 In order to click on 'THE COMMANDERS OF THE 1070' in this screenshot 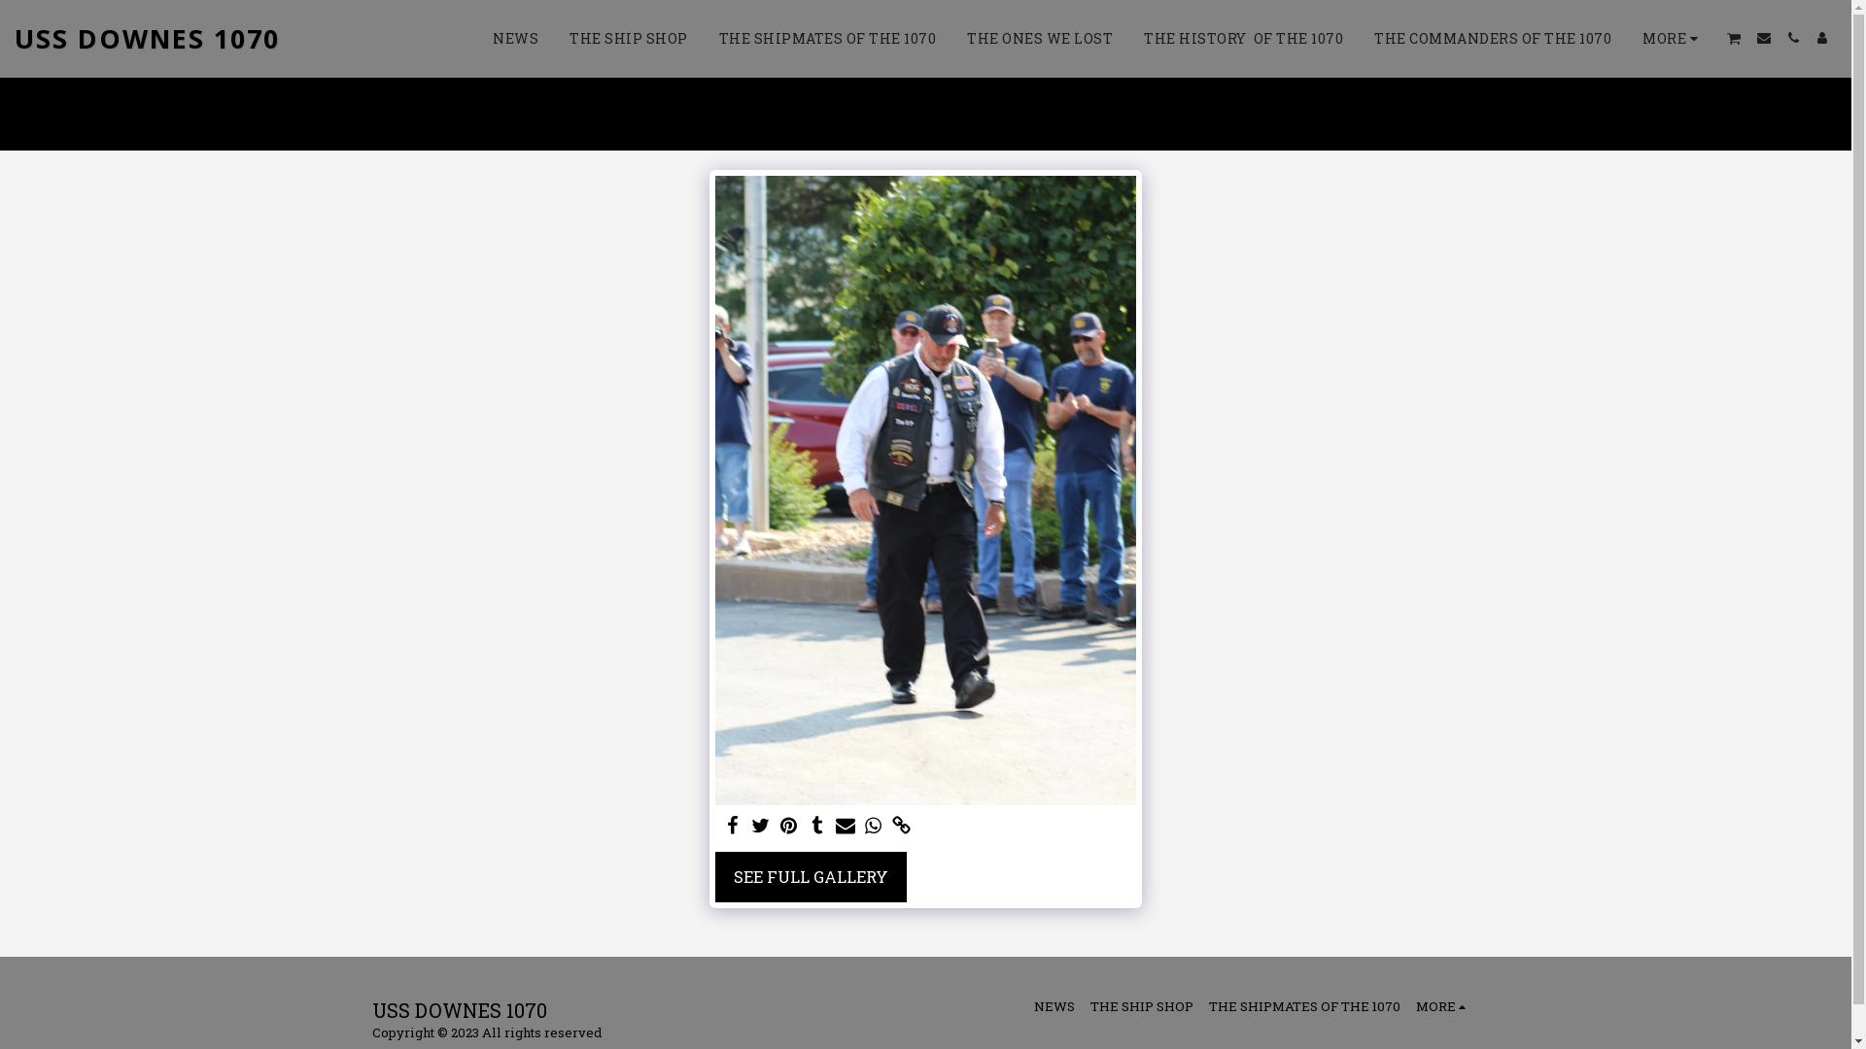, I will do `click(1492, 38)`.